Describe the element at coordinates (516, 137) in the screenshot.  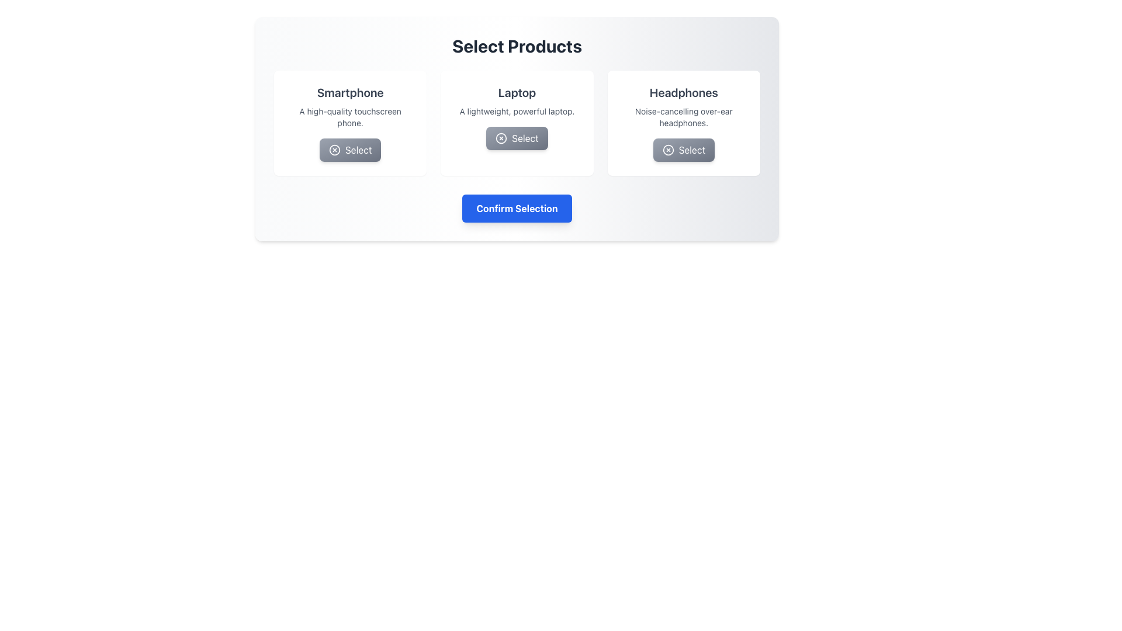
I see `the 'Select' button with a gradient background in the second product card labeled 'Laptop'` at that location.